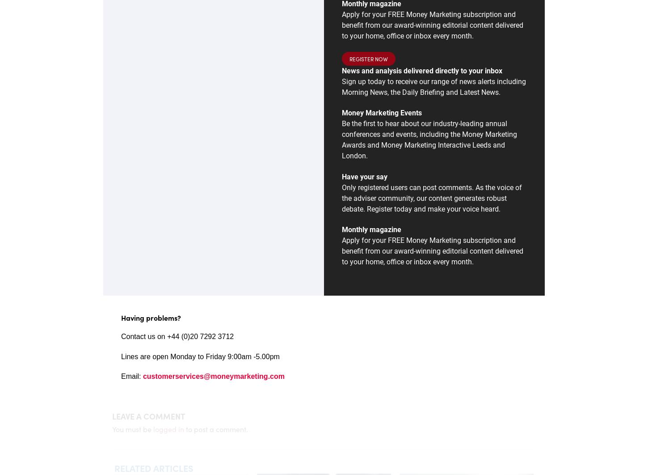 The image size is (648, 475). What do you see at coordinates (342, 113) in the screenshot?
I see `'Money Marketing Events'` at bounding box center [342, 113].